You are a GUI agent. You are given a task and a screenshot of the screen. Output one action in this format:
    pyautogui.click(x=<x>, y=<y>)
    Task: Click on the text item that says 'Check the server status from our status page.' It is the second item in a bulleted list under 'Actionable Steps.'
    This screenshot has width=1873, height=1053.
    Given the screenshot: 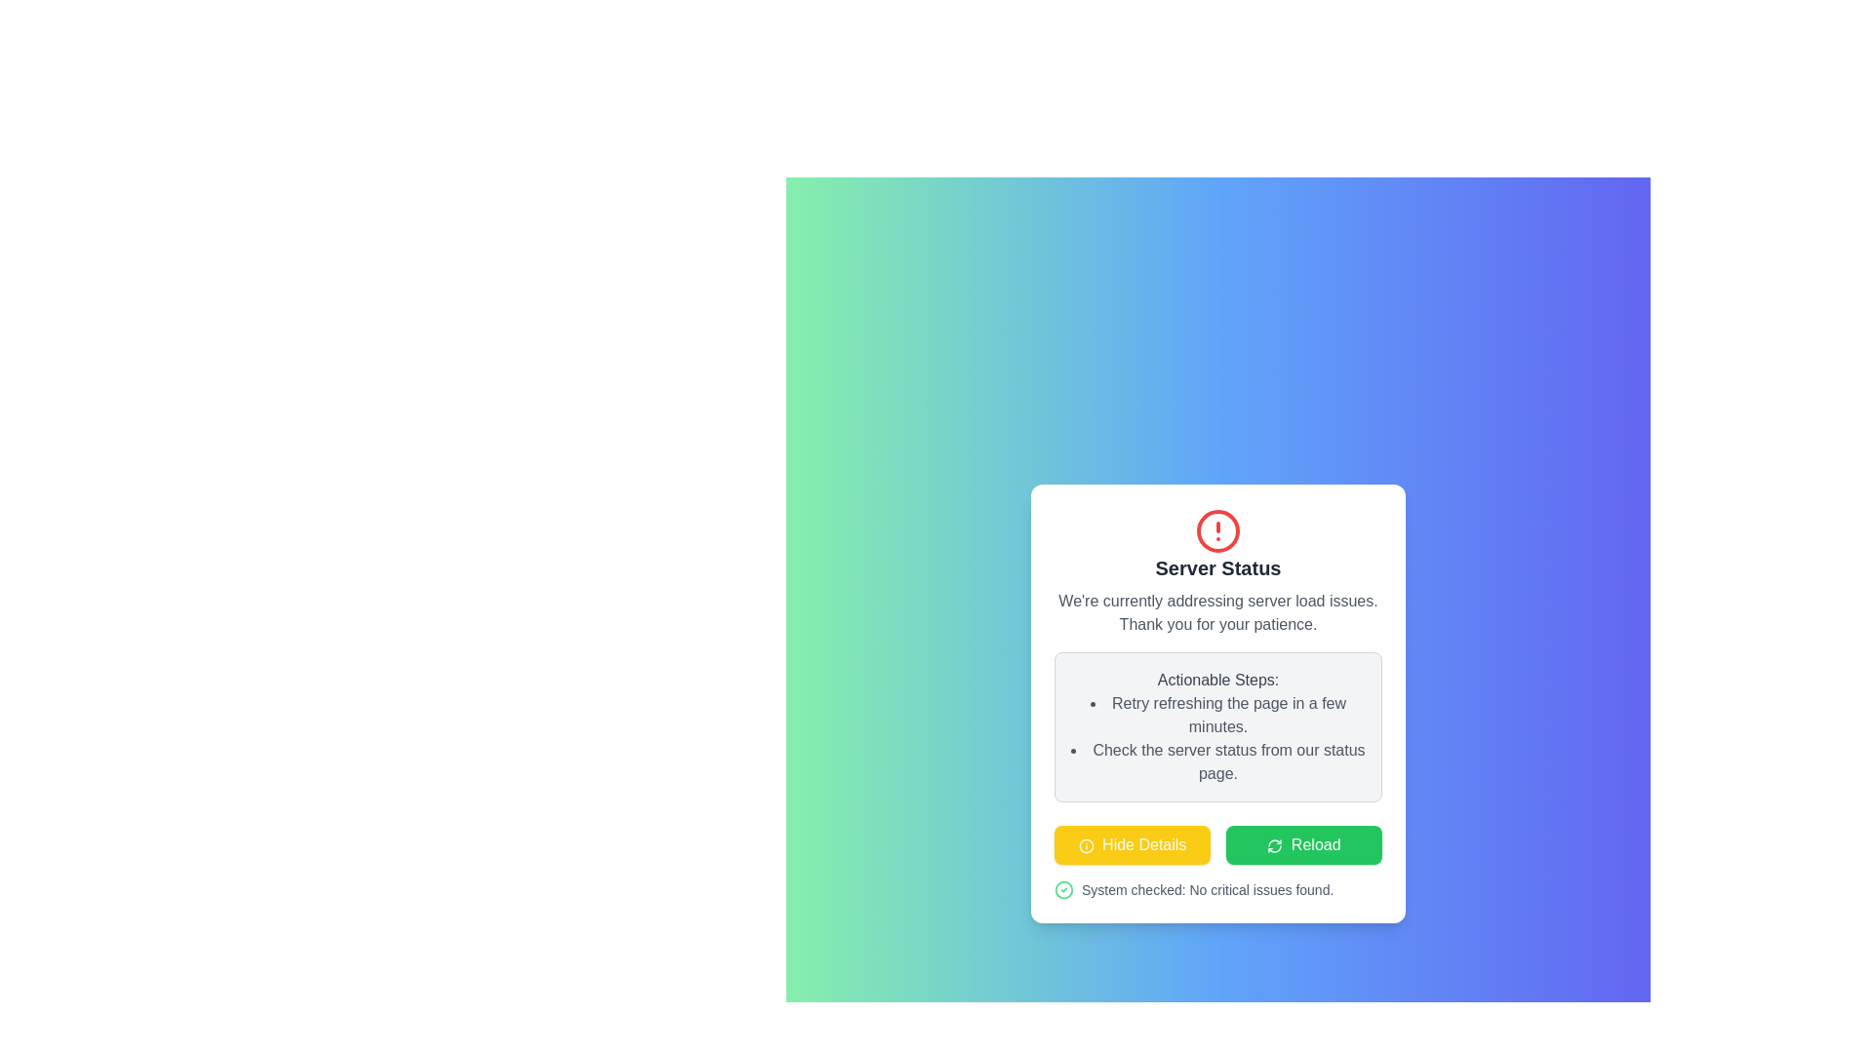 What is the action you would take?
    pyautogui.click(x=1216, y=761)
    